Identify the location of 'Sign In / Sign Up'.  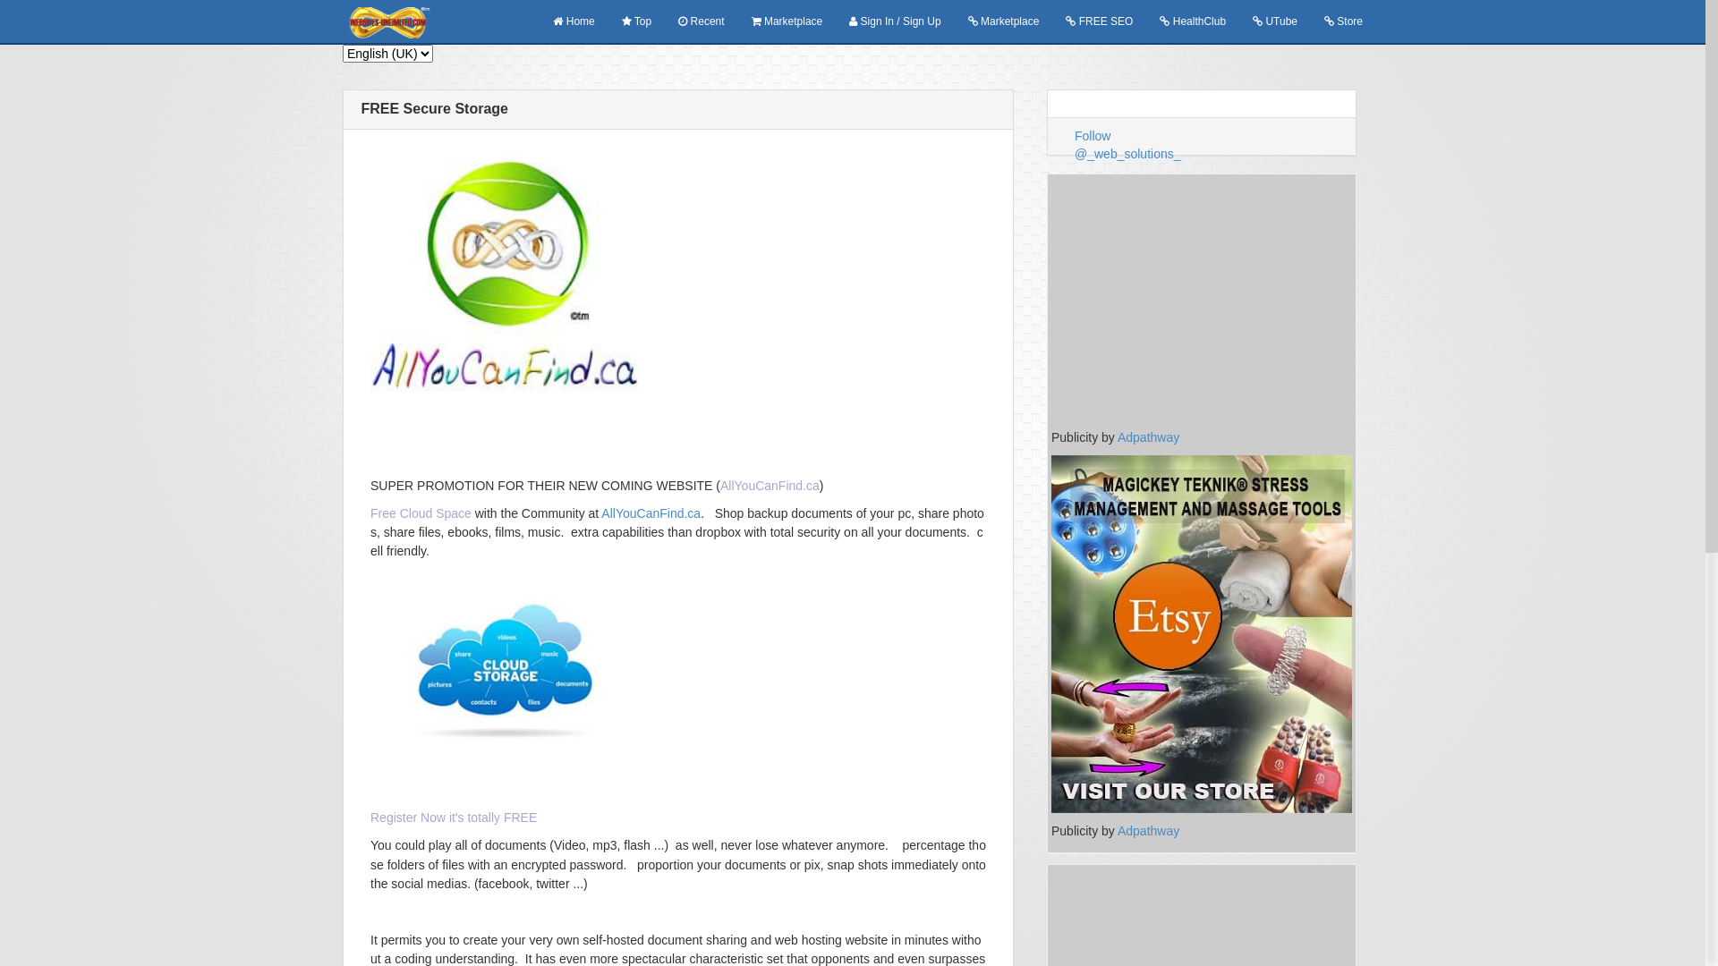
(894, 21).